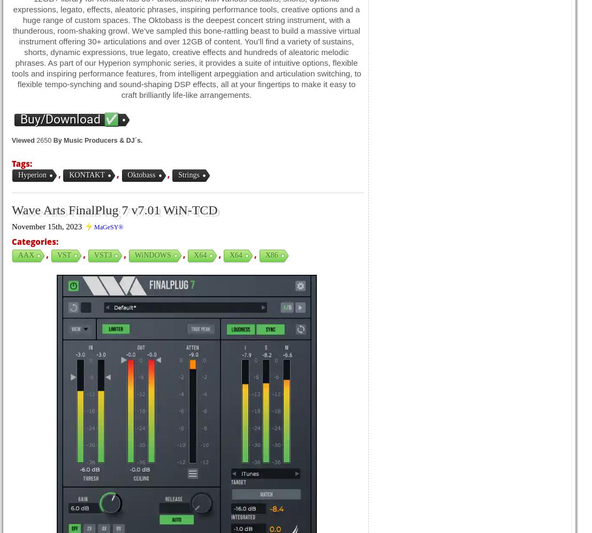 Image resolution: width=592 pixels, height=533 pixels. Describe the element at coordinates (12, 210) in the screenshot. I see `'Wave Arts FinalPlug 7 v7.01 WiN-TCD'` at that location.